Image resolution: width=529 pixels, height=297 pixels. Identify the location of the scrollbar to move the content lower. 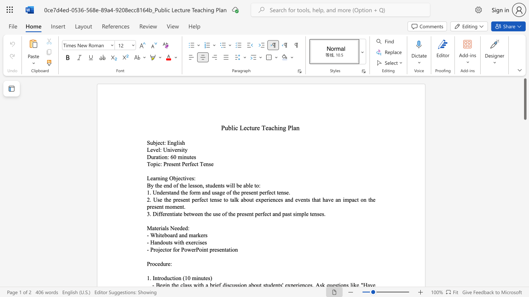
(524, 251).